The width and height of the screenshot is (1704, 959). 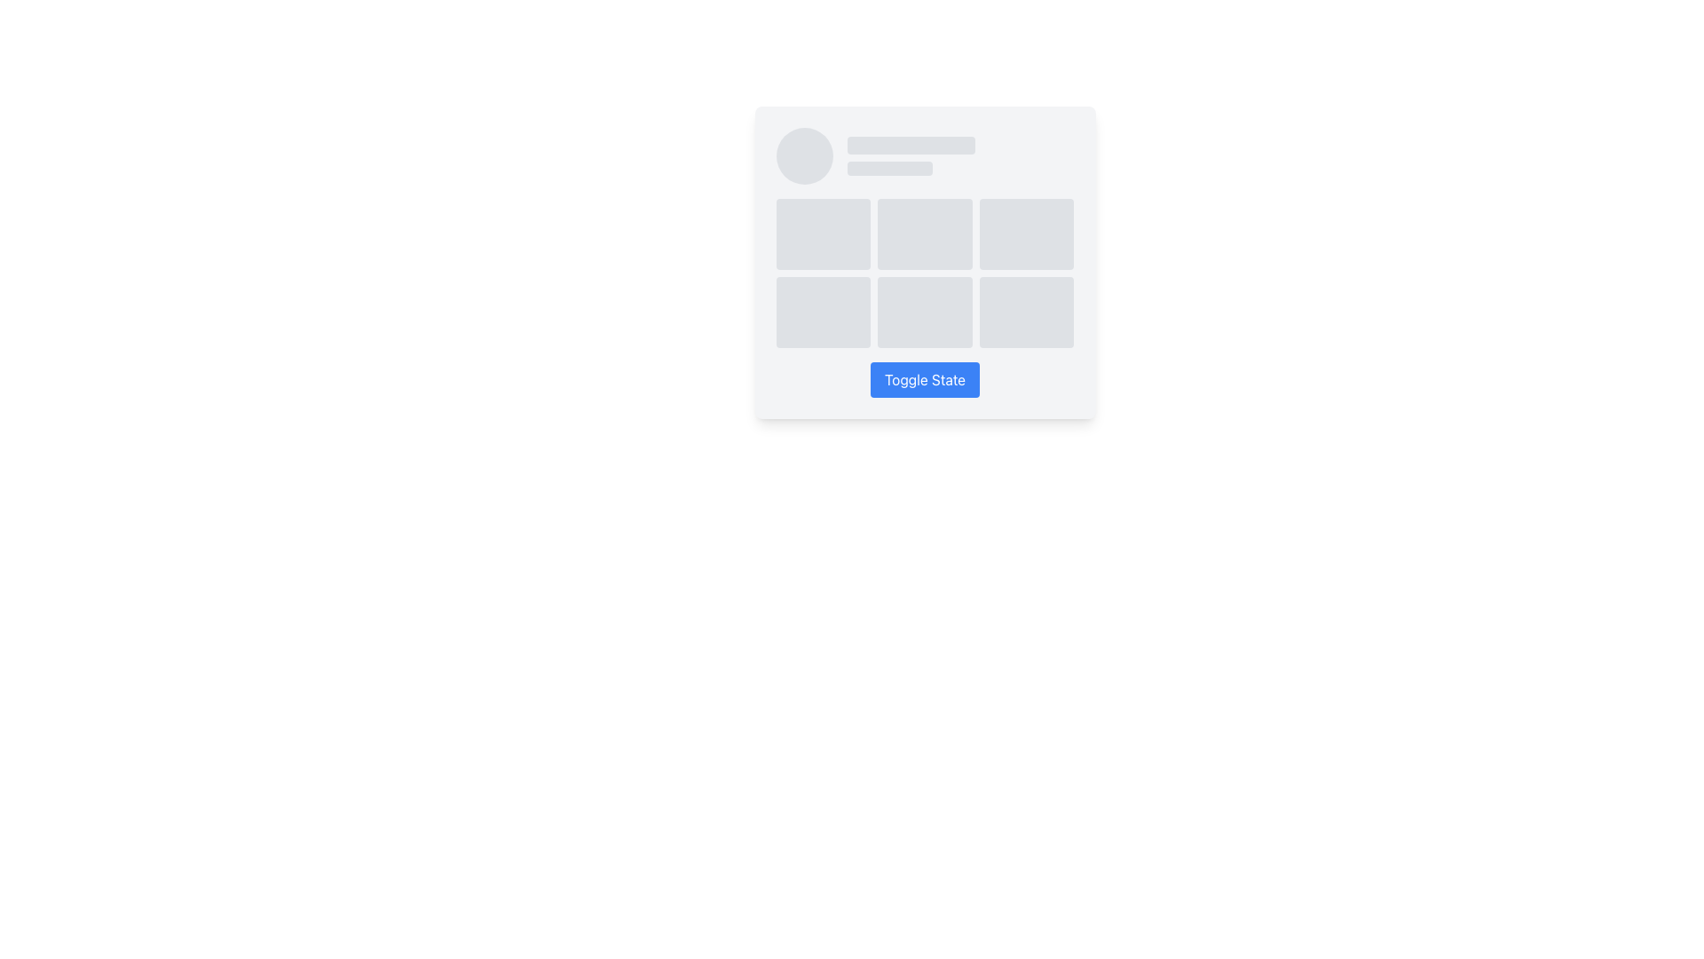 I want to click on the gray rectangular placeholder loading indicator with rounded corners located in the bottom-right corner of the grid, so click(x=1027, y=311).